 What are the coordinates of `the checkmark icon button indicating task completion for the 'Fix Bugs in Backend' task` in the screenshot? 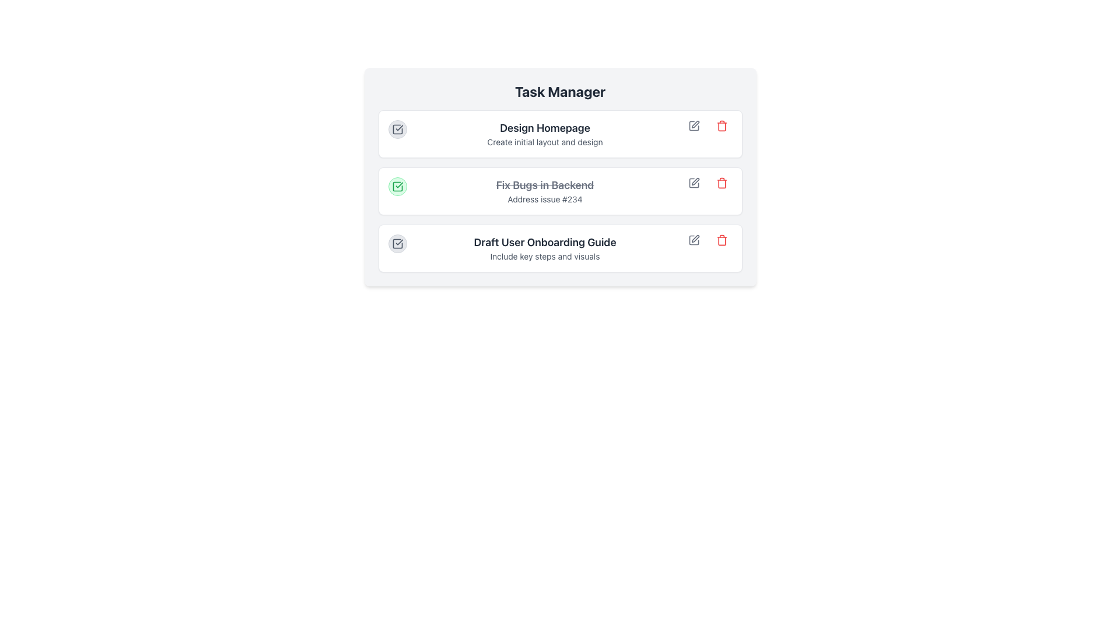 It's located at (397, 186).